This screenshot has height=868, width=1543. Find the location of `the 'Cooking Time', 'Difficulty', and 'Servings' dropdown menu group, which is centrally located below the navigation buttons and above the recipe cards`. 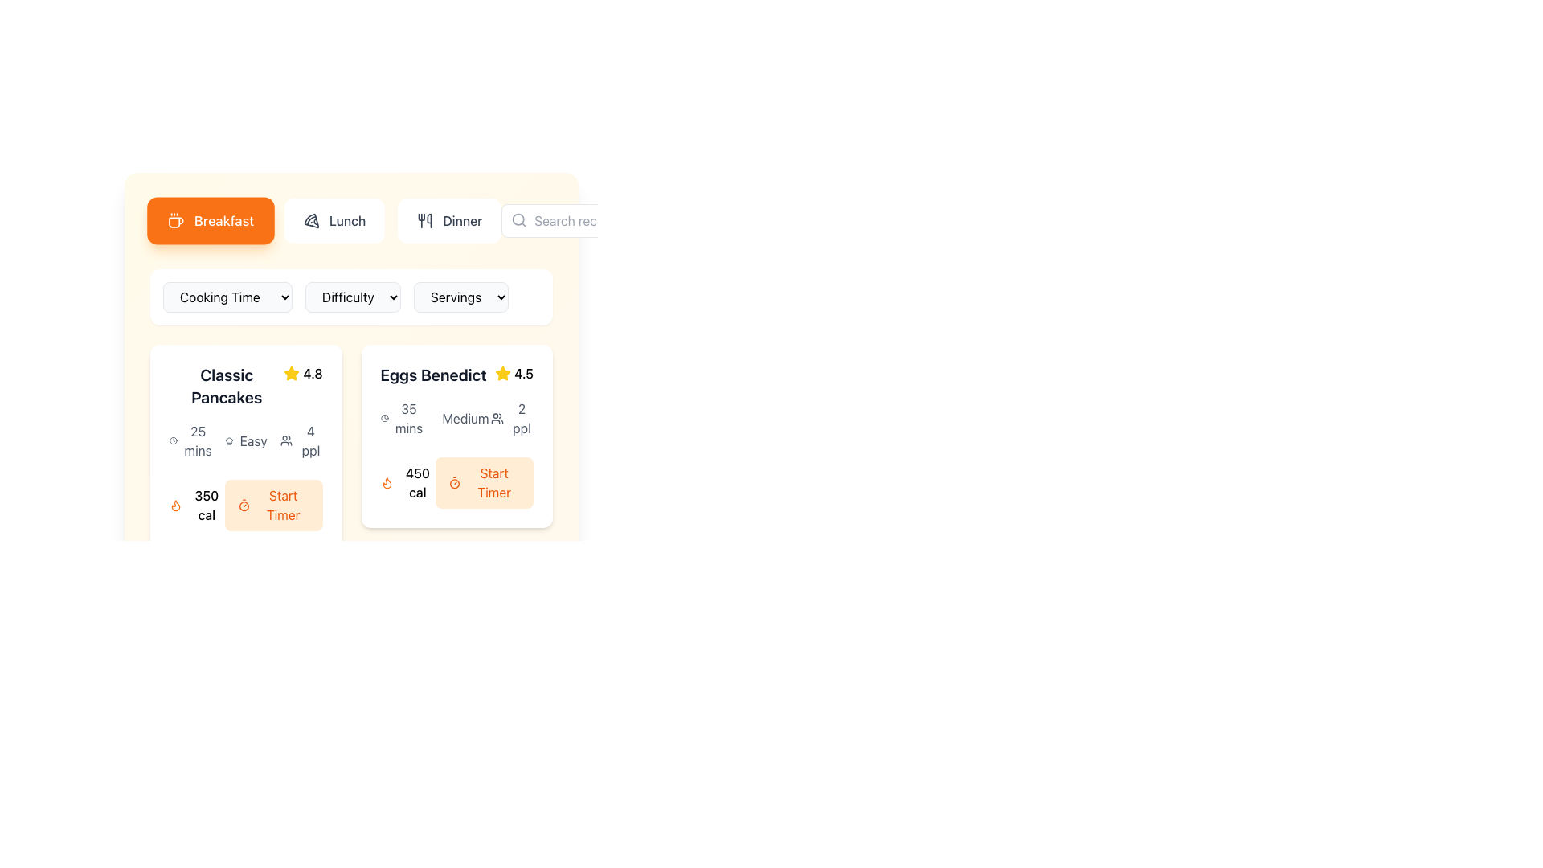

the 'Cooking Time', 'Difficulty', and 'Servings' dropdown menu group, which is centrally located below the navigation buttons and above the recipe cards is located at coordinates (350, 297).